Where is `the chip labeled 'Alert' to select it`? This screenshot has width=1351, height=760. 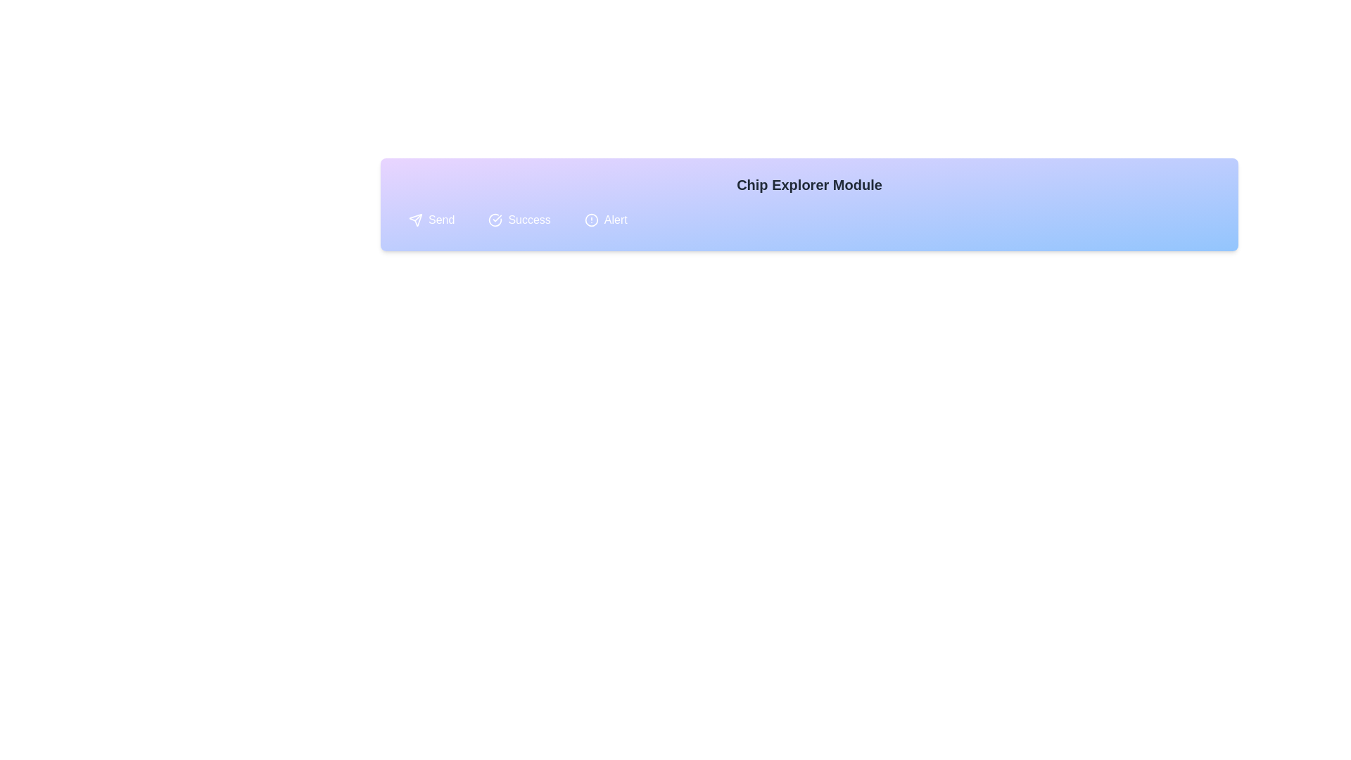 the chip labeled 'Alert' to select it is located at coordinates (606, 220).